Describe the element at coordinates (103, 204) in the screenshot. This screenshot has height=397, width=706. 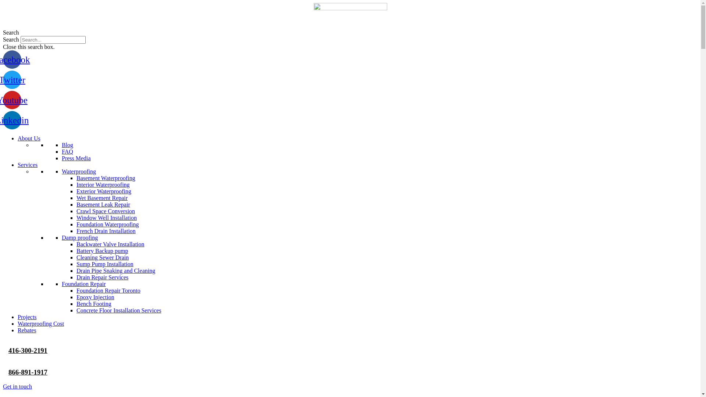
I see `'Basement Leak Repair'` at that location.